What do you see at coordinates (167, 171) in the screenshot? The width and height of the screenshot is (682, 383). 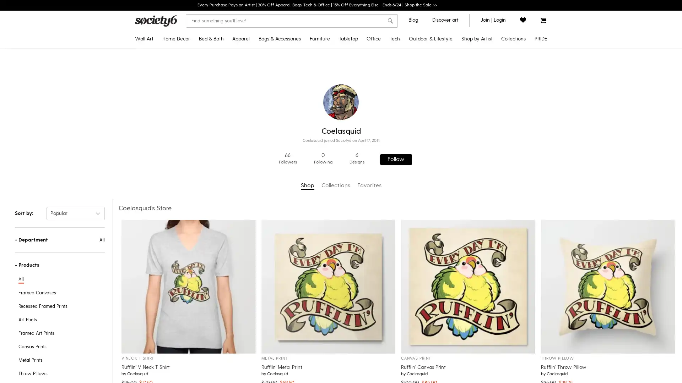 I see `Wood Wall Art` at bounding box center [167, 171].